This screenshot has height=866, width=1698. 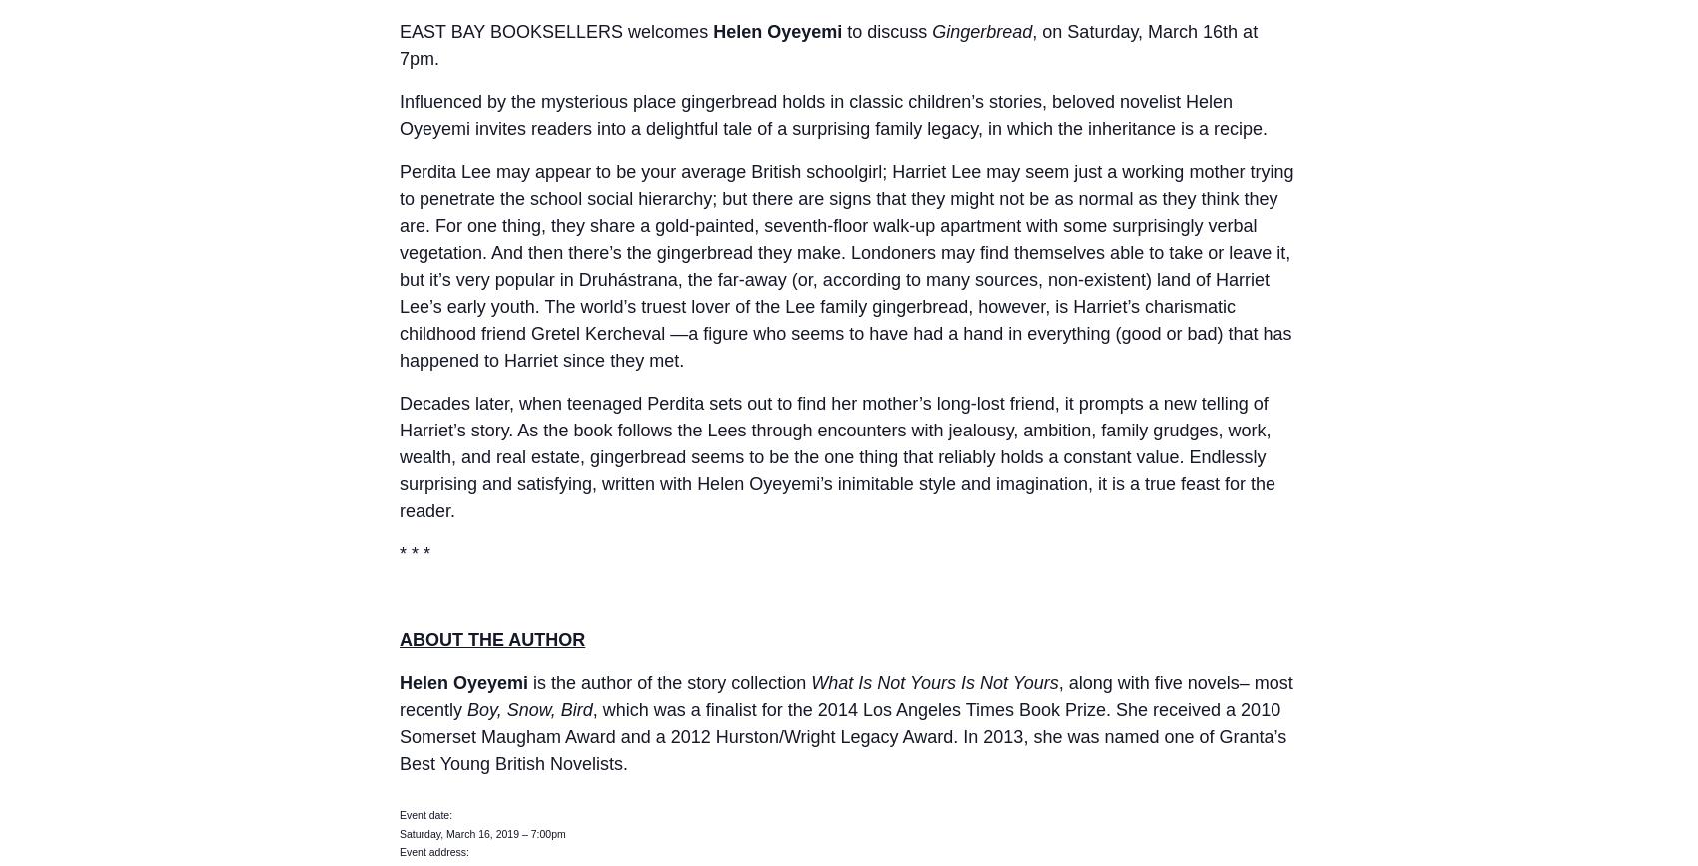 What do you see at coordinates (836, 456) in the screenshot?
I see `'Decades later, when teenaged Perdita sets out to find her mother’s long-lost friend, it prompts a new telling of Harriet’s story. As the book follows the Lees through encounters with jealousy, ambition, family grudges, work, wealth, and real estate, gingerbread seems to be the one thing that reliably holds a constant value. Endlessly surprising and satisfying, written with Helen Oyeyemi’s inimitable style and imagination, it is a true feast for the reader.'` at bounding box center [836, 456].